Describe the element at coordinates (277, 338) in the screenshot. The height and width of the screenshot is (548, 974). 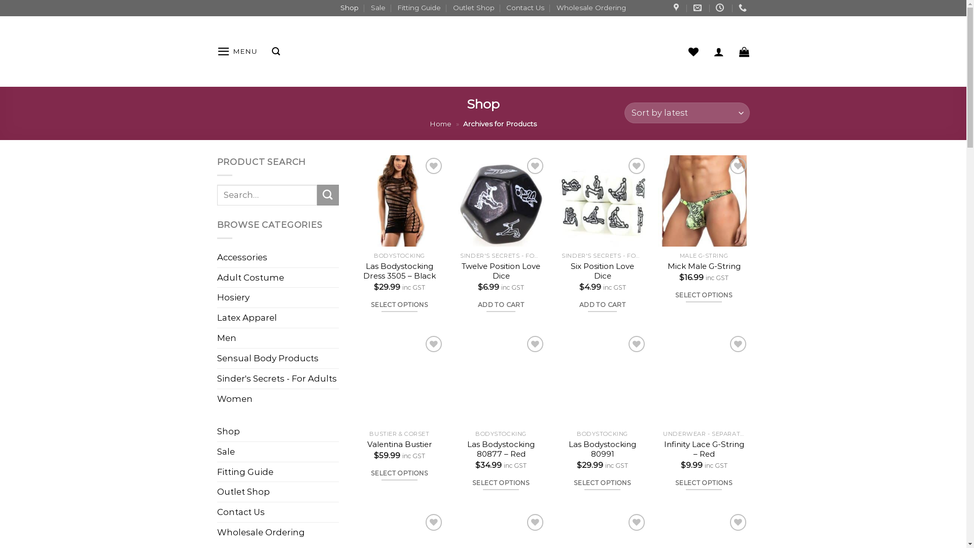
I see `'Men'` at that location.